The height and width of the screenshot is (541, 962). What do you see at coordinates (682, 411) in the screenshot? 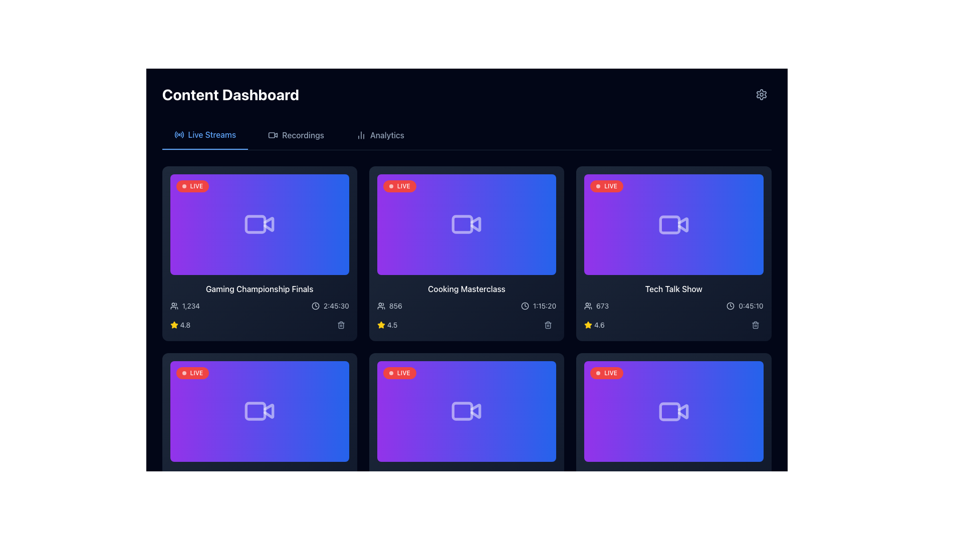
I see `the Play button located in the center of the video icon in the bottom row, second column of the video card grid layout` at bounding box center [682, 411].